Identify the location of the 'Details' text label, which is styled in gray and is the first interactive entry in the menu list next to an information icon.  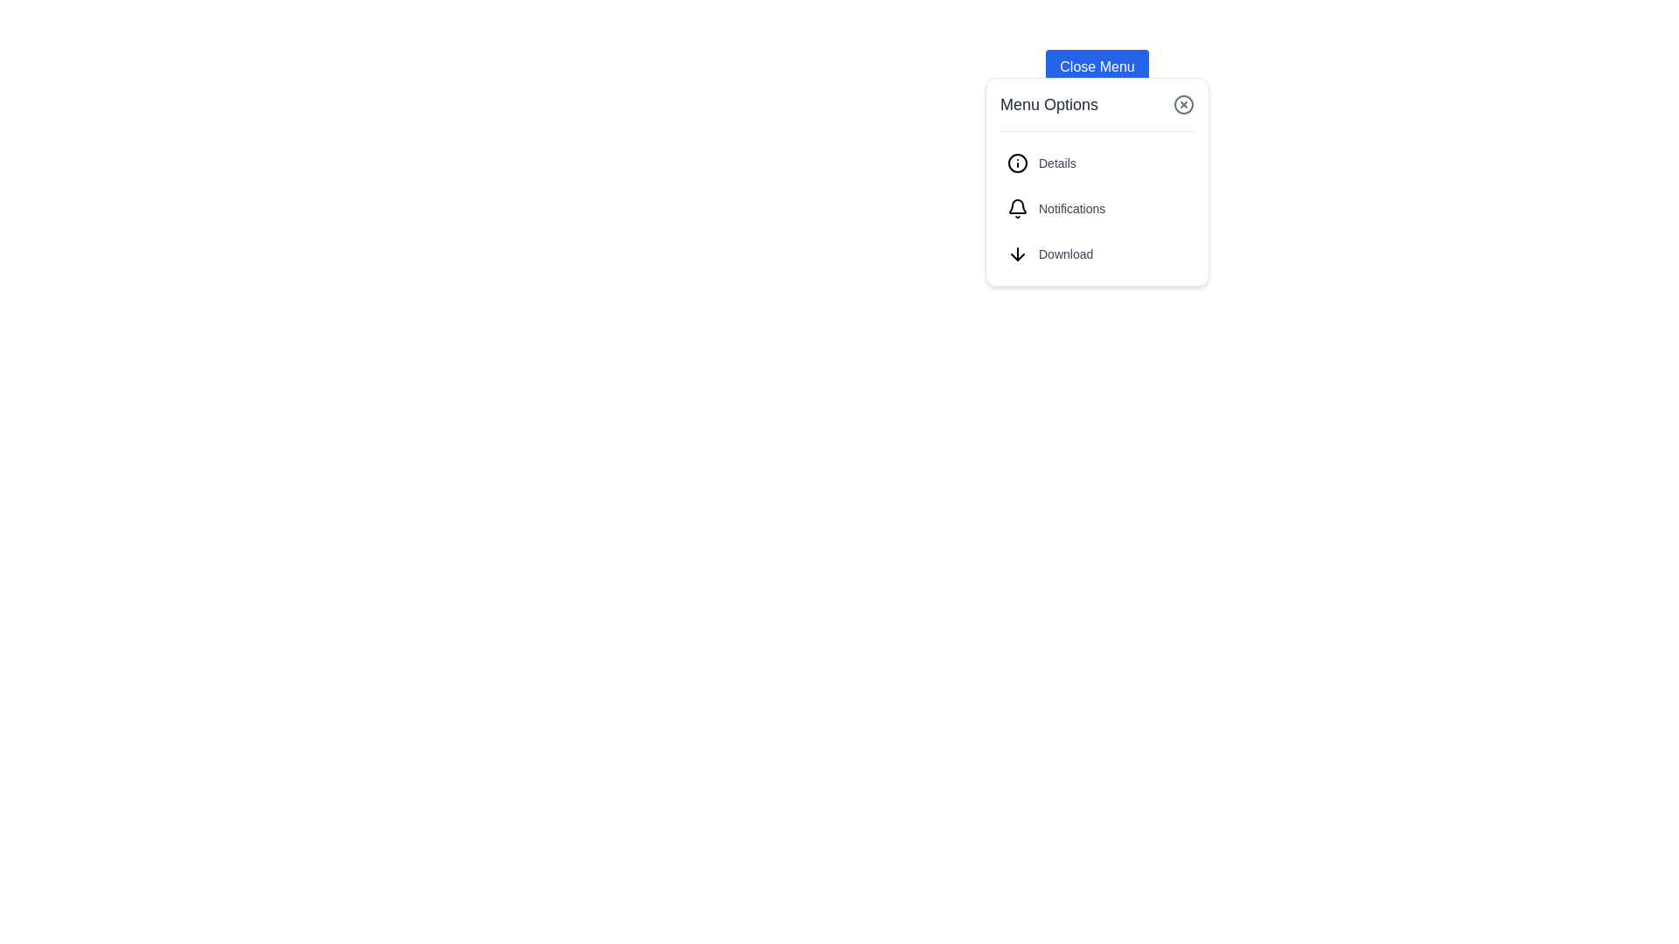
(1056, 163).